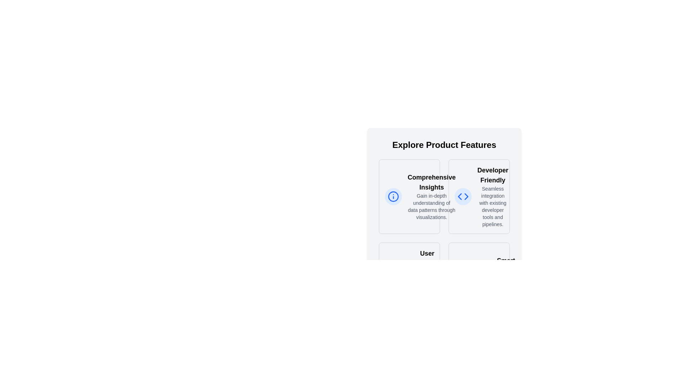  I want to click on static text that says 'Seamless integration with existing developer tools and pipelines.' located beneath the 'Developer Friendly' text within a card layout, so click(492, 207).